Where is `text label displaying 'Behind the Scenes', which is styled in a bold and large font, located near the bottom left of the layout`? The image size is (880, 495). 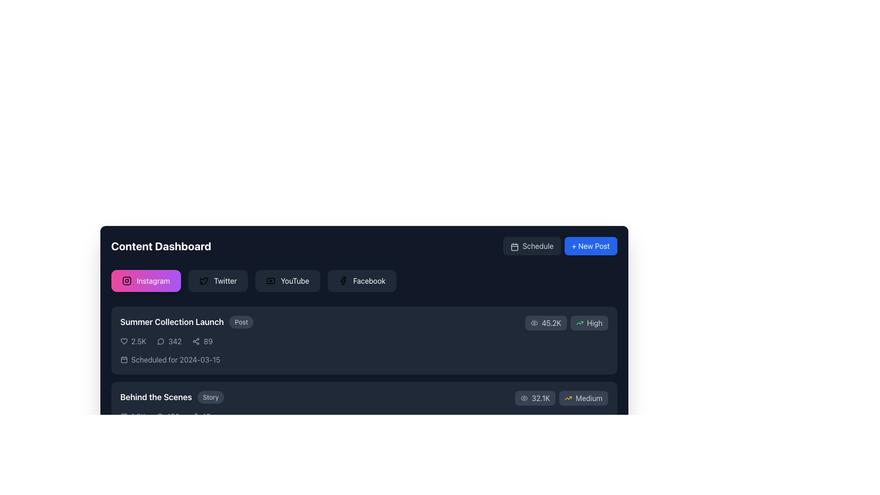
text label displaying 'Behind the Scenes', which is styled in a bold and large font, located near the bottom left of the layout is located at coordinates (156, 397).